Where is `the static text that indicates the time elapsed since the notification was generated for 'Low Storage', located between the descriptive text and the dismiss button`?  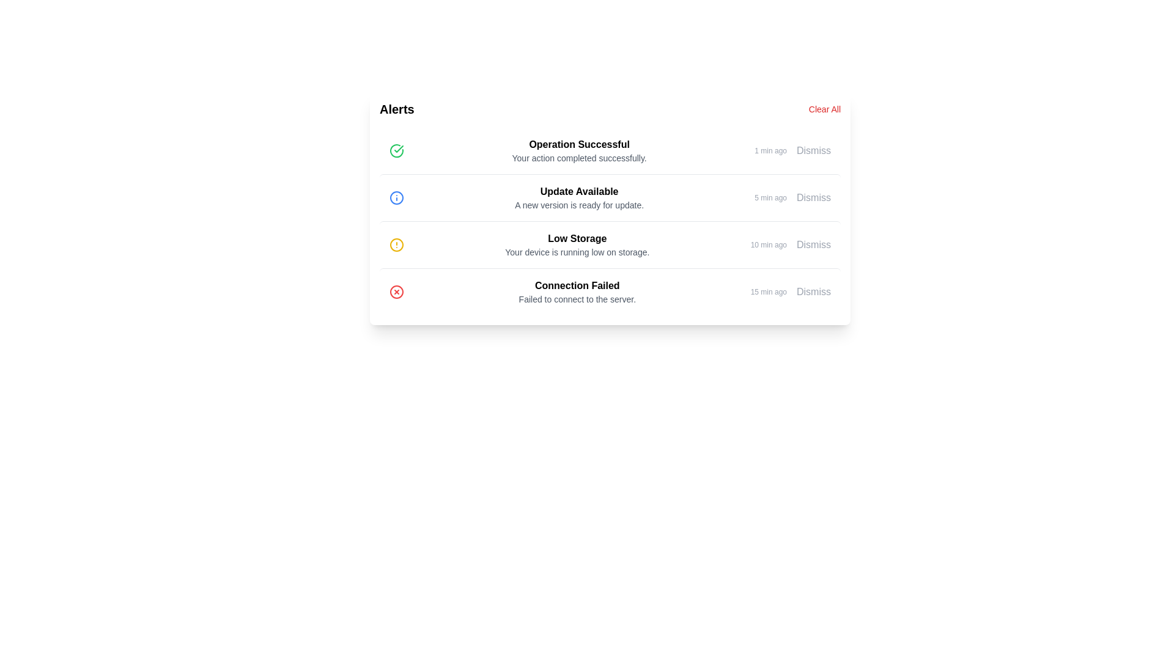 the static text that indicates the time elapsed since the notification was generated for 'Low Storage', located between the descriptive text and the dismiss button is located at coordinates (768, 245).